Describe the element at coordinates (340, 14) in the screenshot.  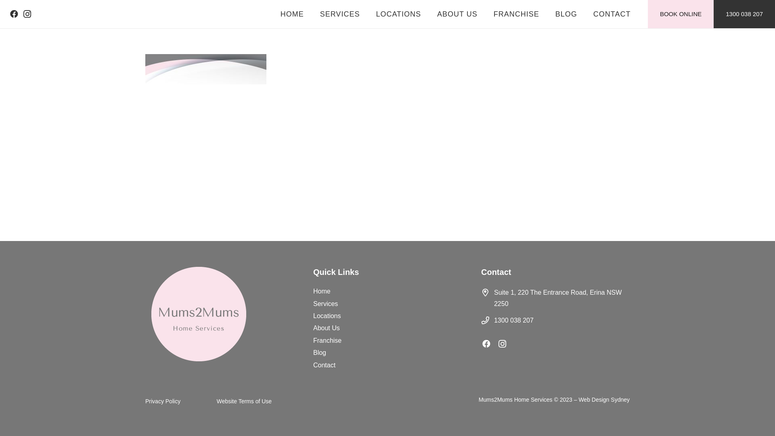
I see `'SERVICES'` at that location.